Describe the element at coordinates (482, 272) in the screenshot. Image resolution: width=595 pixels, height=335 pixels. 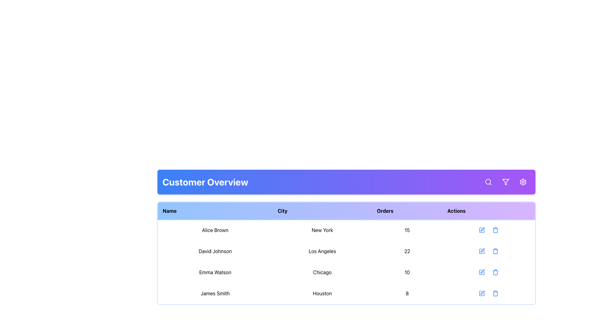
I see `the SVG icon button resembling a pen in the 'Actions' column of the third row for 'Emma Watson'` at that location.